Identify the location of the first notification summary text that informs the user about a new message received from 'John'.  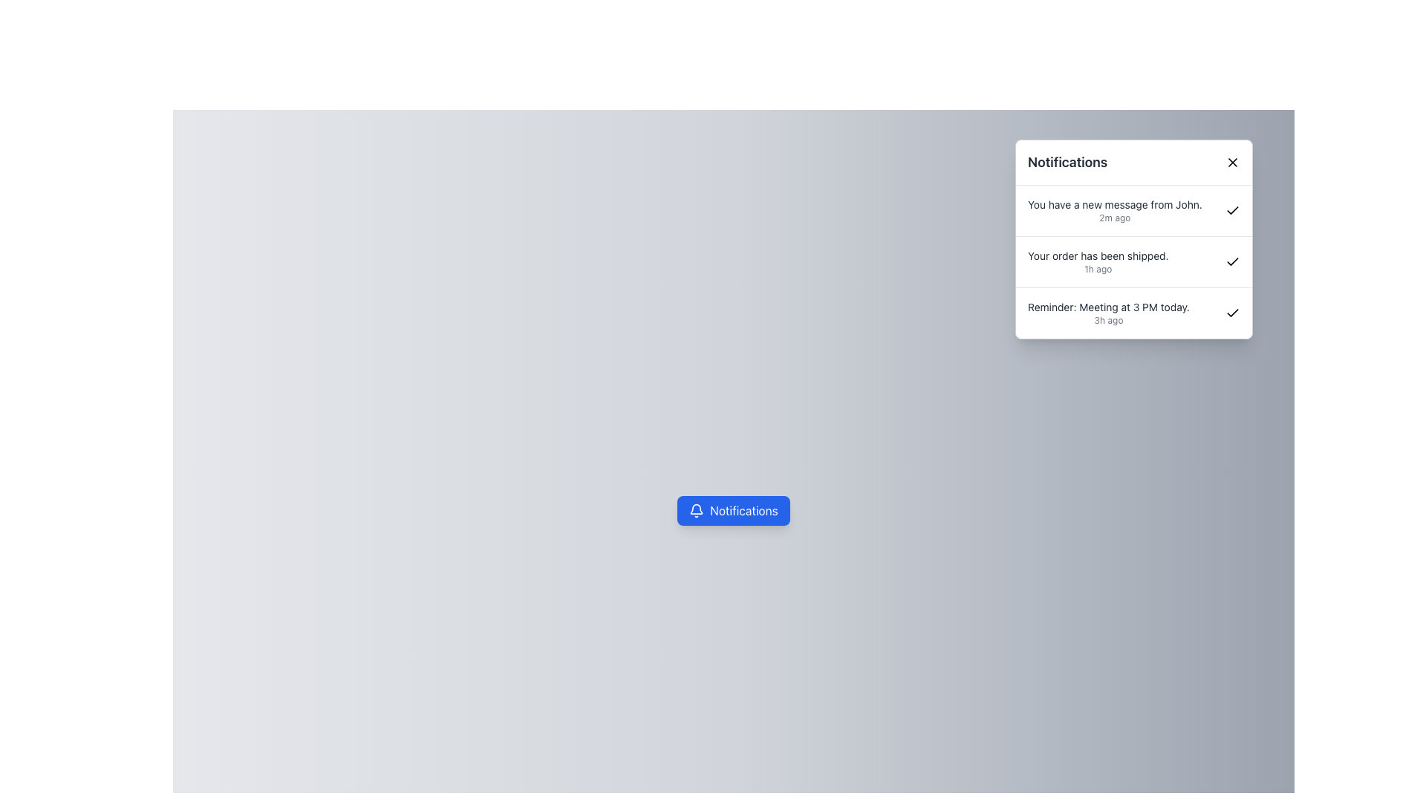
(1115, 205).